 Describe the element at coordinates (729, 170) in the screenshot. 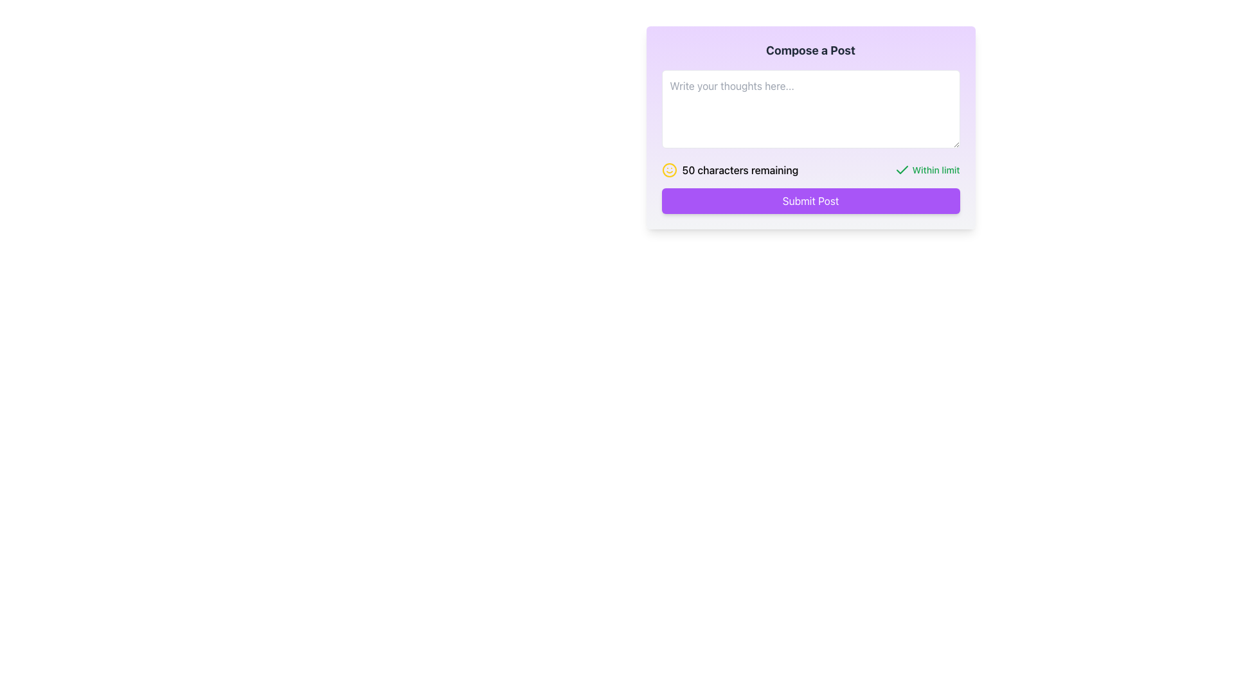

I see `text in the feedback label displaying '50 characters remaining' located in the feedback section of the text input form, positioned to the left of the 'Within limit' indication` at that location.